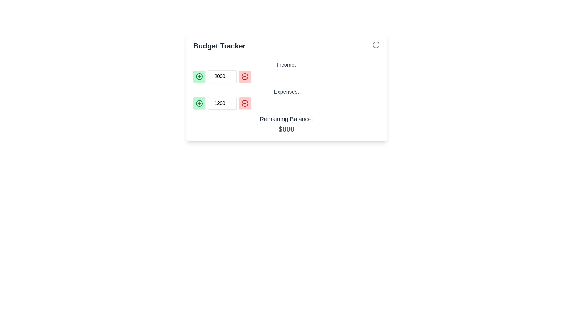 The width and height of the screenshot is (575, 323). What do you see at coordinates (245, 103) in the screenshot?
I see `the red button with a circular minus icon in the 'Expenses' section of the 'Budget Tracker' interface` at bounding box center [245, 103].